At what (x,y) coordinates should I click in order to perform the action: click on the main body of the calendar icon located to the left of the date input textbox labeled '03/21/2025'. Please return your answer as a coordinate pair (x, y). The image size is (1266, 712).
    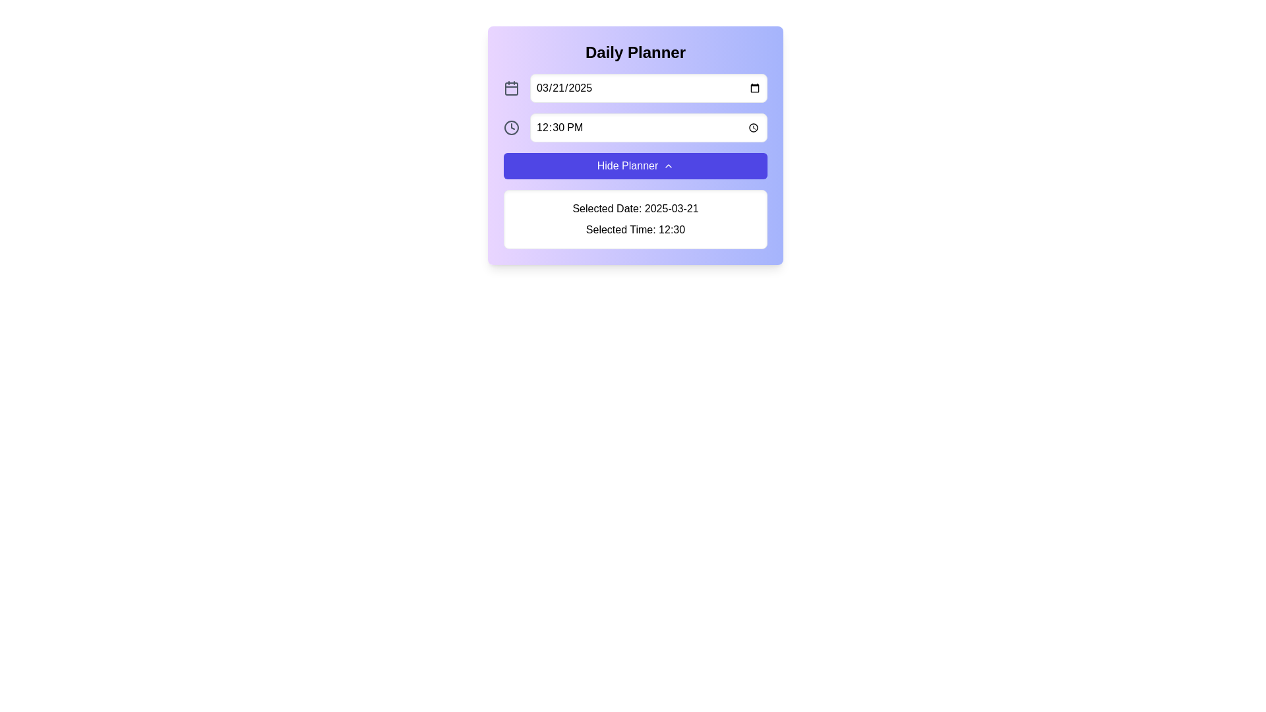
    Looking at the image, I should click on (511, 89).